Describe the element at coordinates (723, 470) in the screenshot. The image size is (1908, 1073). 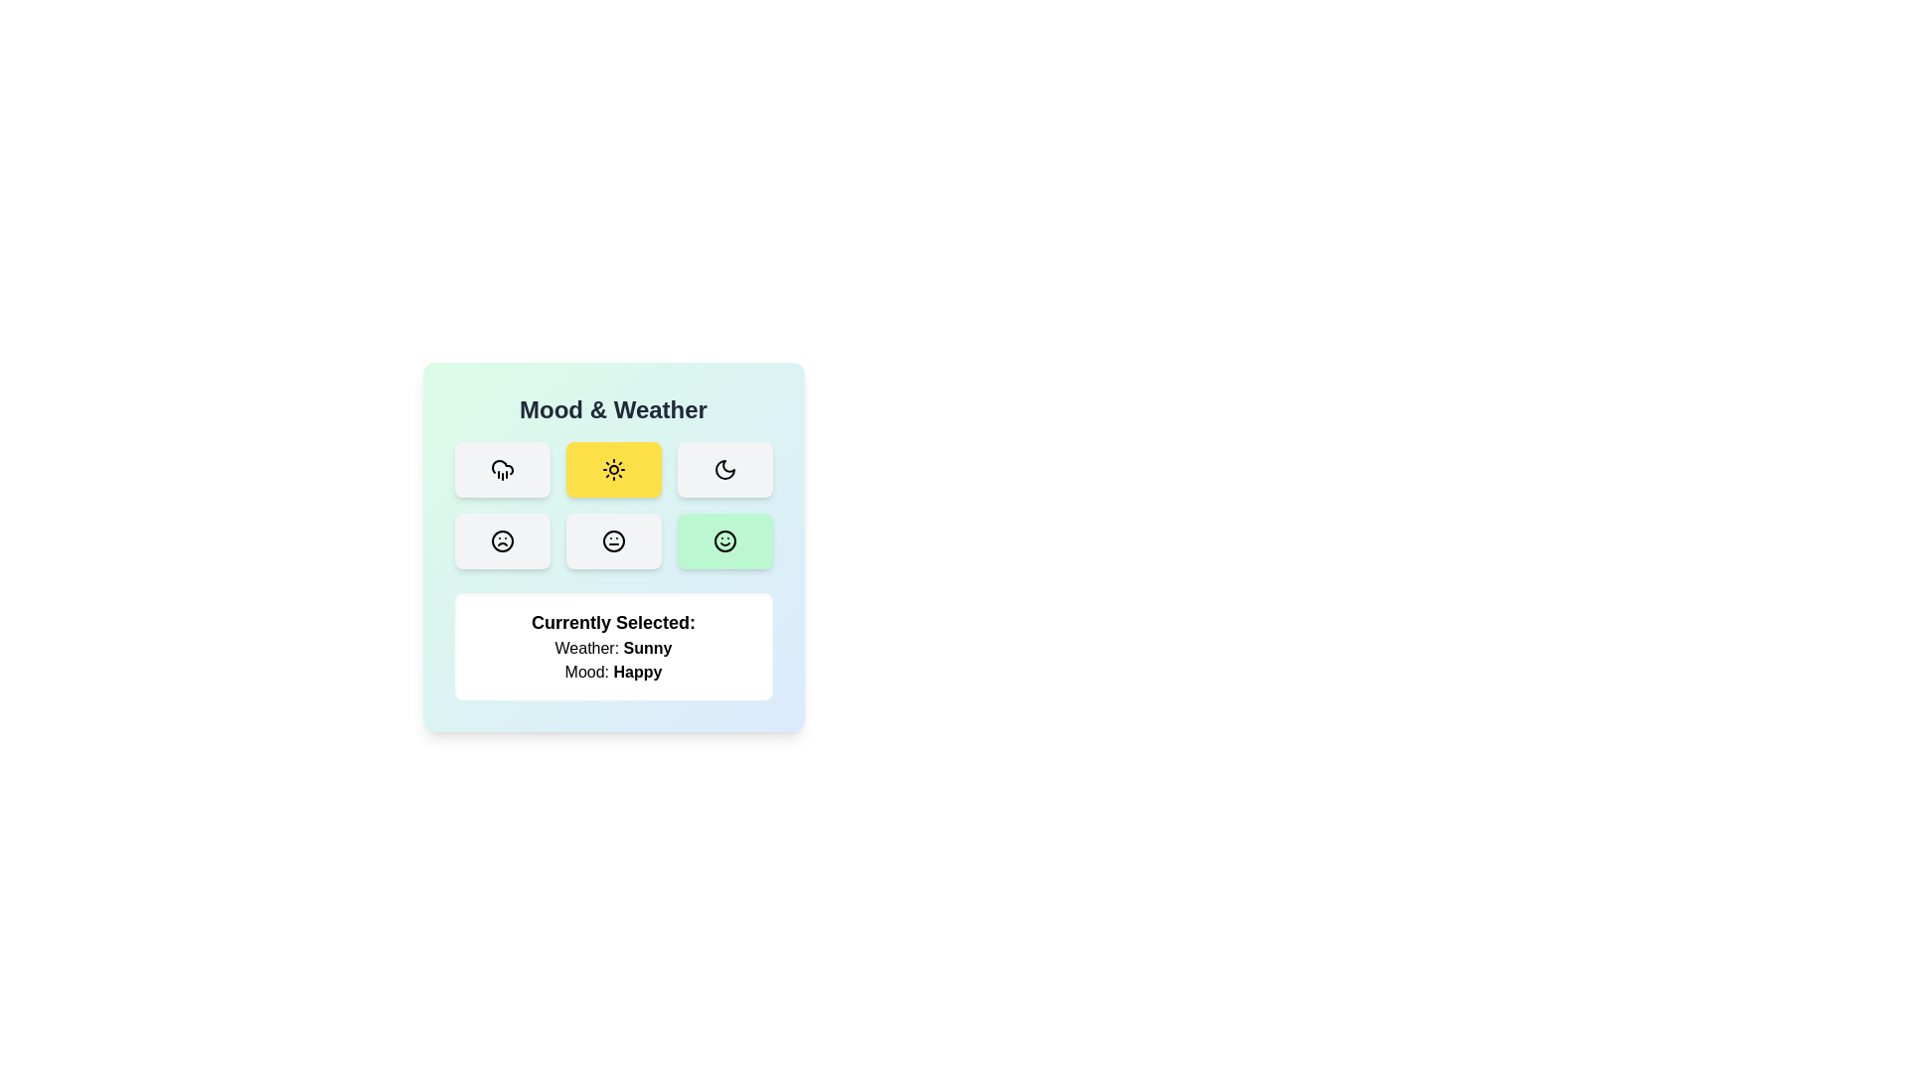
I see `the third button in the top row of the 3x2 grid layout, which represents the night or moon state` at that location.